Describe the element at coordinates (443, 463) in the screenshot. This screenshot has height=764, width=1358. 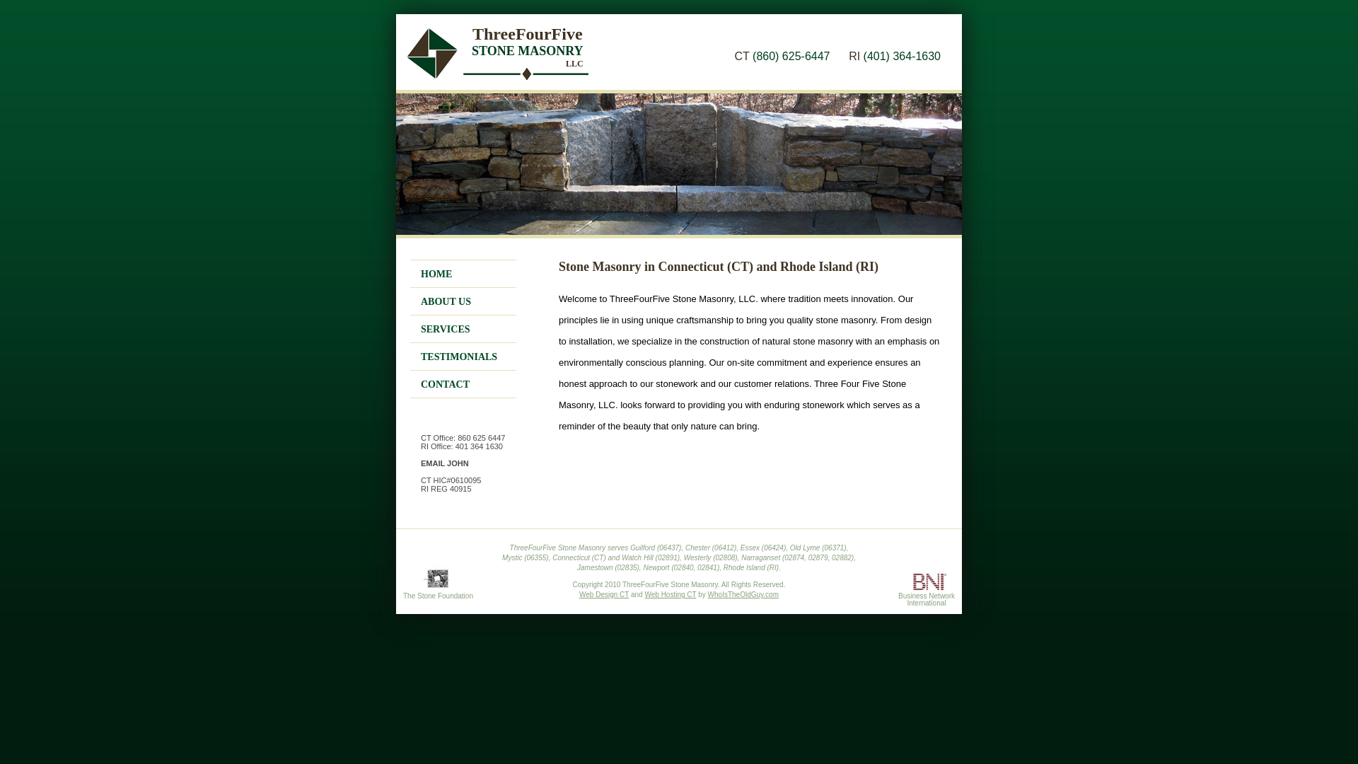
I see `'EMAIL JOHN'` at that location.